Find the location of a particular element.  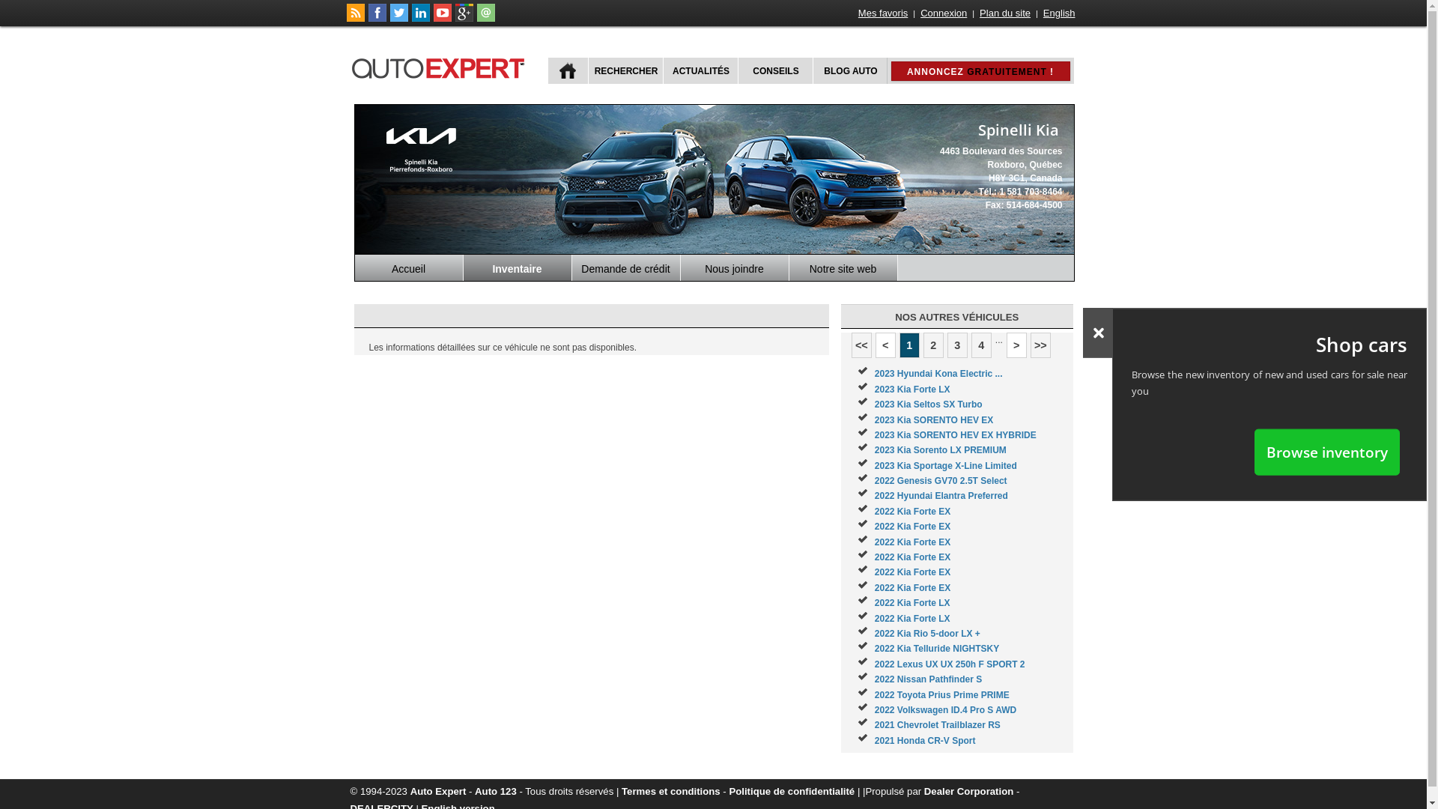

'Plan du site' is located at coordinates (1005, 13).